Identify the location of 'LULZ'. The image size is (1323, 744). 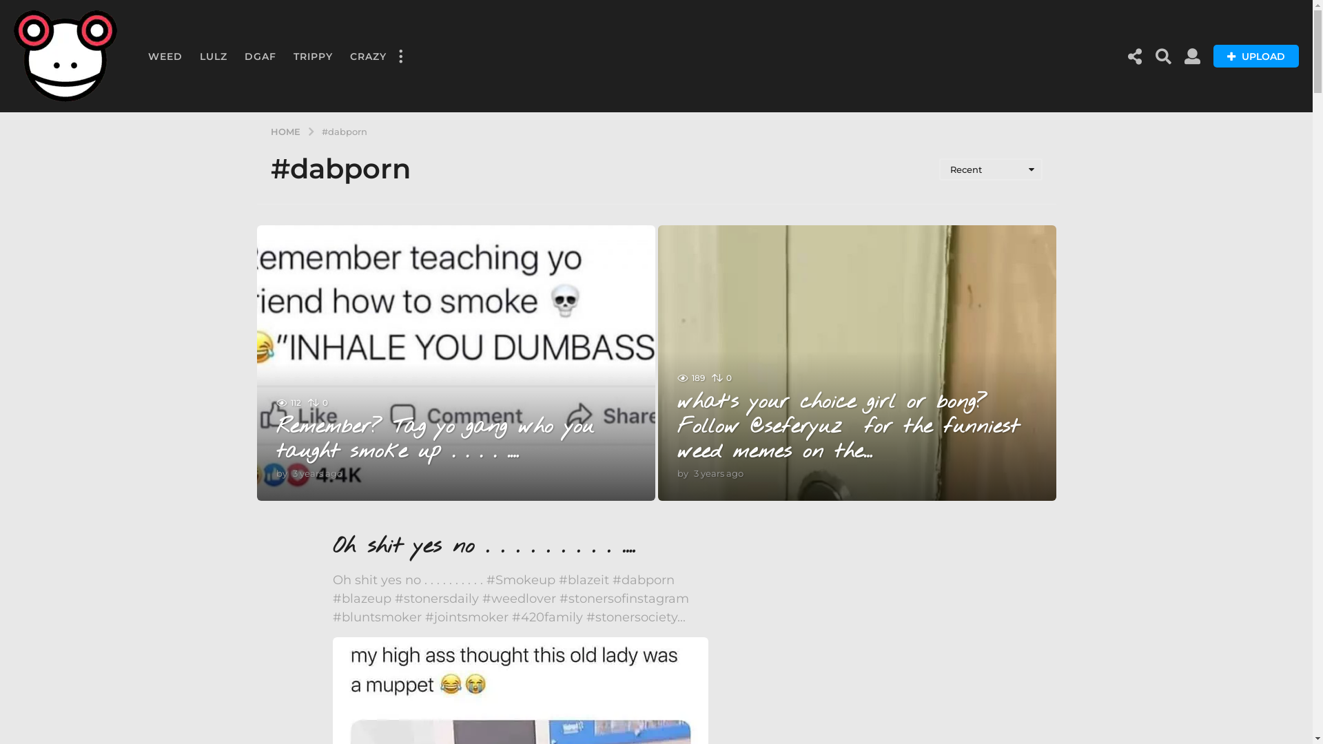
(213, 55).